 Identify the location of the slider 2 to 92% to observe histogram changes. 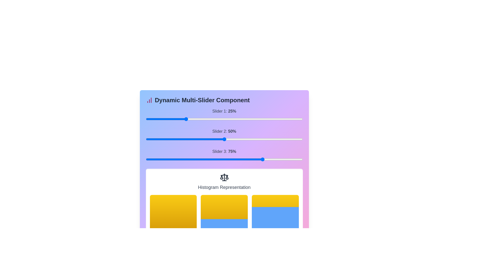
(296, 139).